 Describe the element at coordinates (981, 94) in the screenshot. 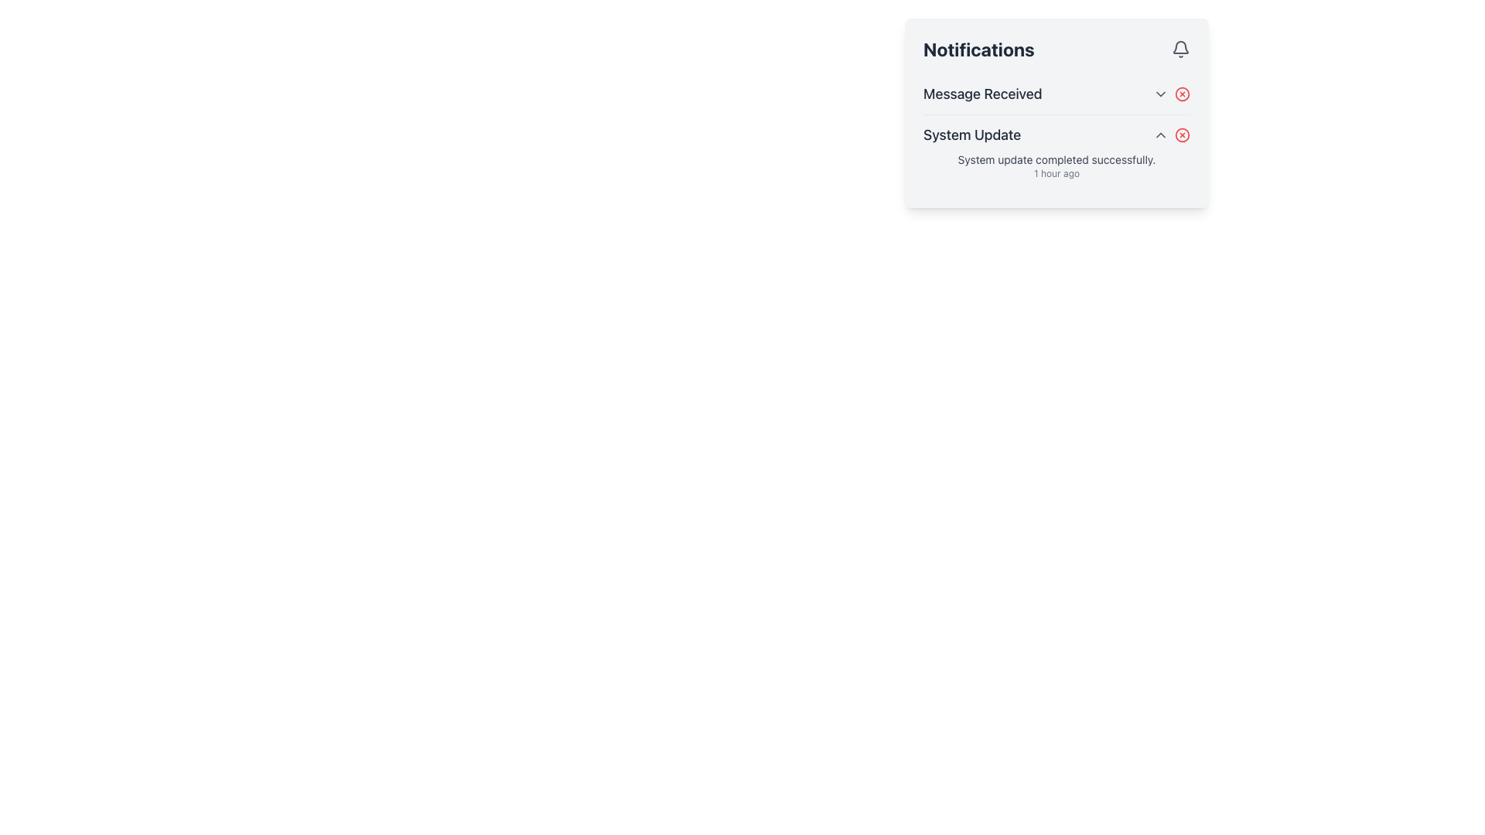

I see `the text label displaying 'Message Received' in dark gray color, located in the header area of the notification card` at that location.